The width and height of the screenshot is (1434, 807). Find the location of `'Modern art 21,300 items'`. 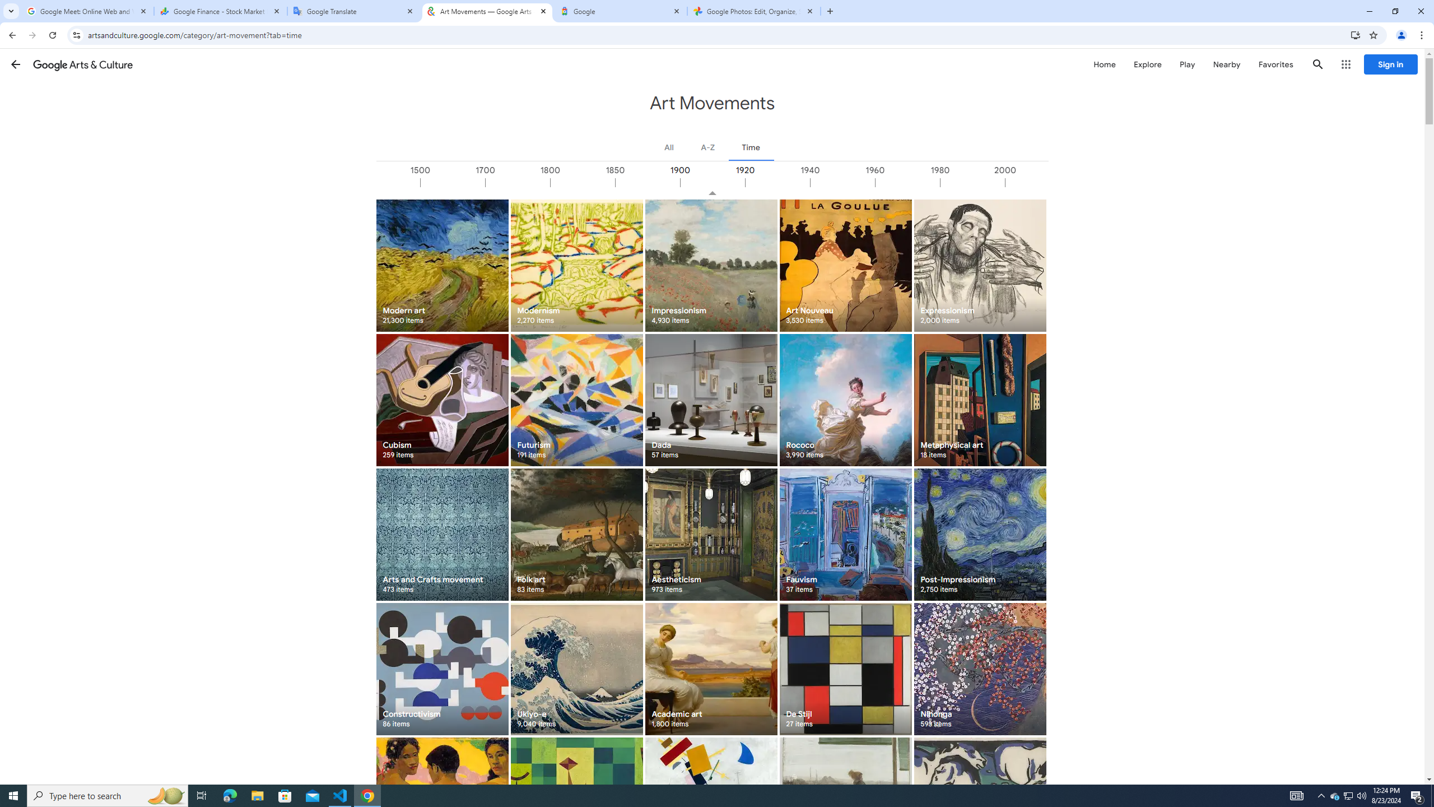

'Modern art 21,300 items' is located at coordinates (441, 265).